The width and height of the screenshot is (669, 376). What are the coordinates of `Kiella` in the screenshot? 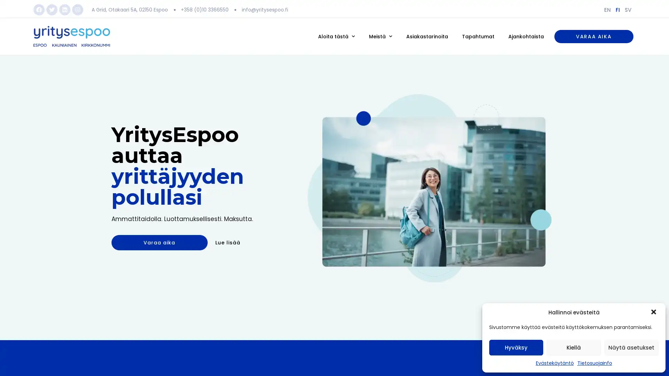 It's located at (574, 347).